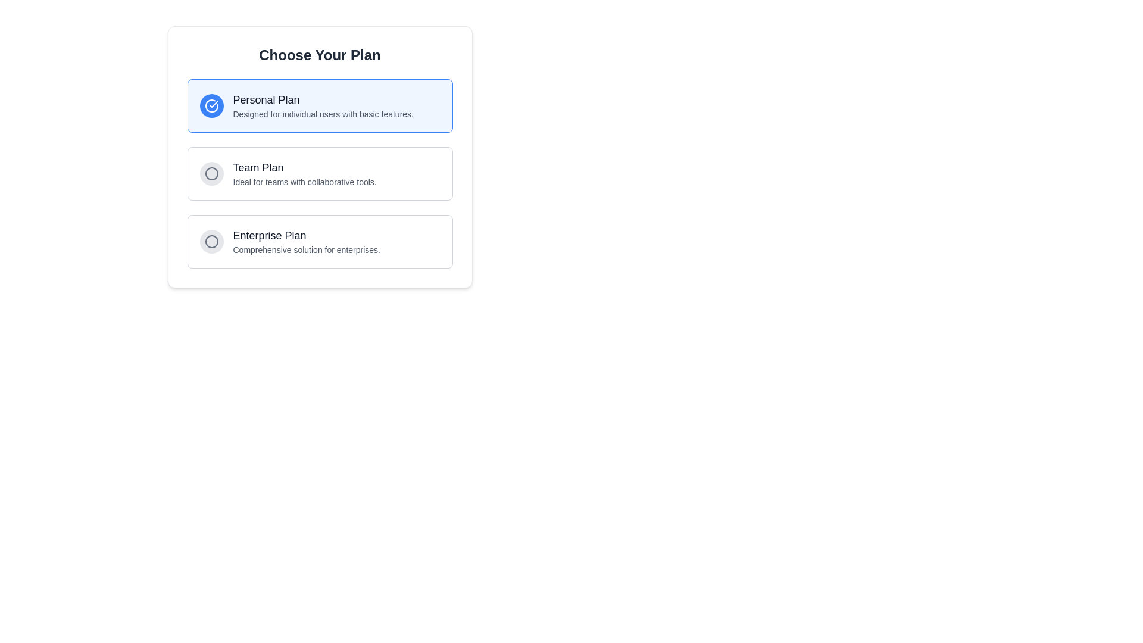 This screenshot has width=1143, height=643. What do you see at coordinates (320, 174) in the screenshot?
I see `the 'Team Plan' selection card, which is the middle card in a vertically stacked list, to confirm selection` at bounding box center [320, 174].